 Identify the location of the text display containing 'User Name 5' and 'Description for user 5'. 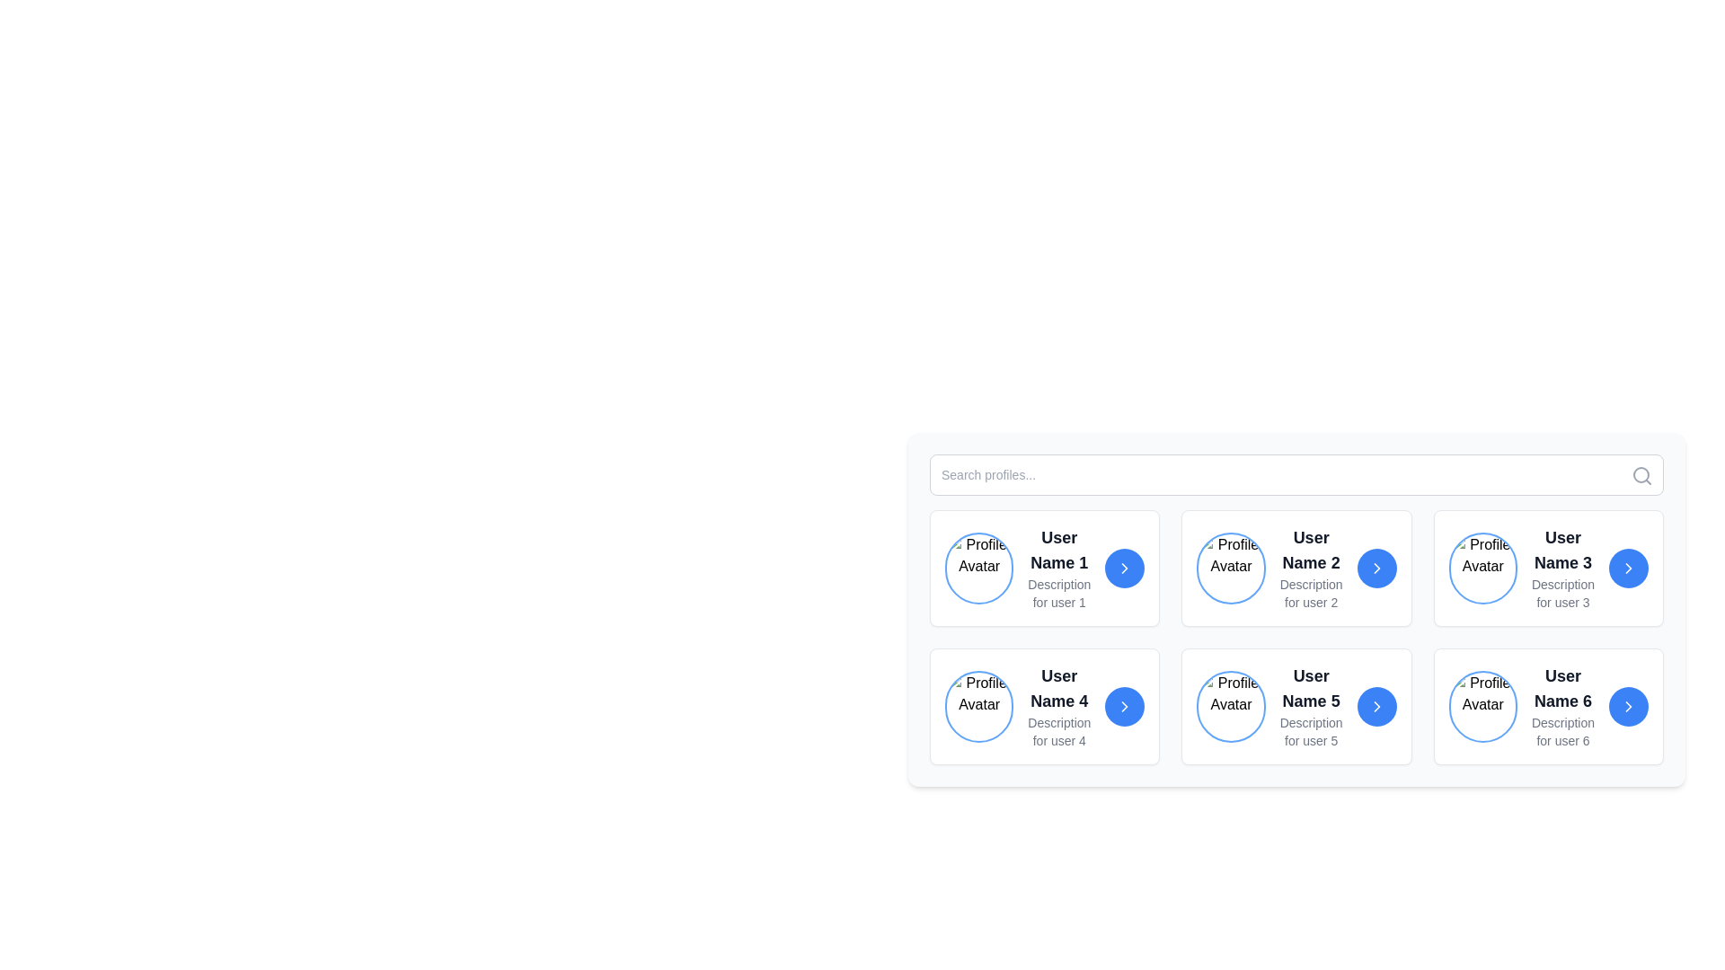
(1311, 705).